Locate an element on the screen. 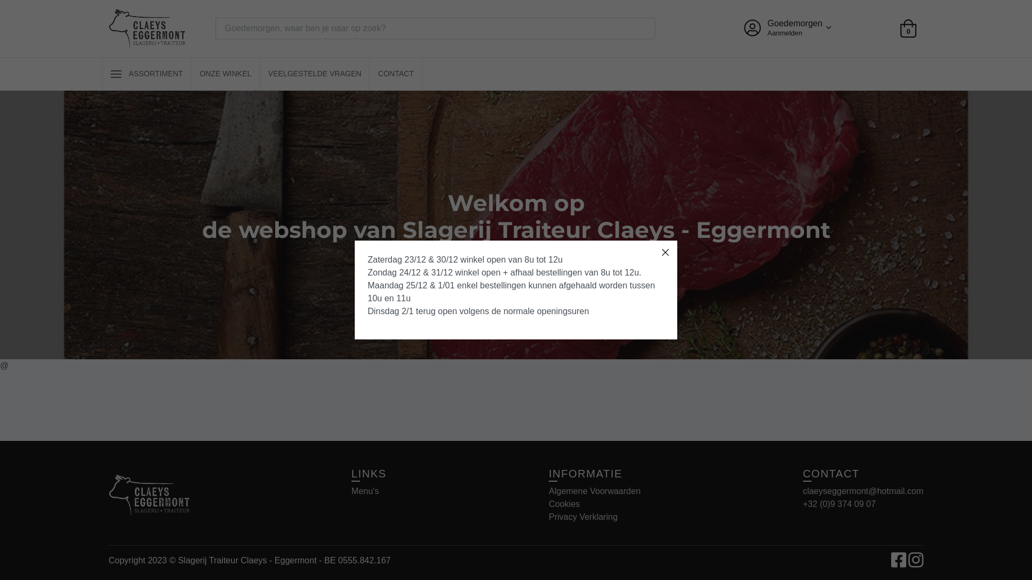 The image size is (1032, 580). 'VEELGESTELDE VRAGEN' is located at coordinates (314, 74).